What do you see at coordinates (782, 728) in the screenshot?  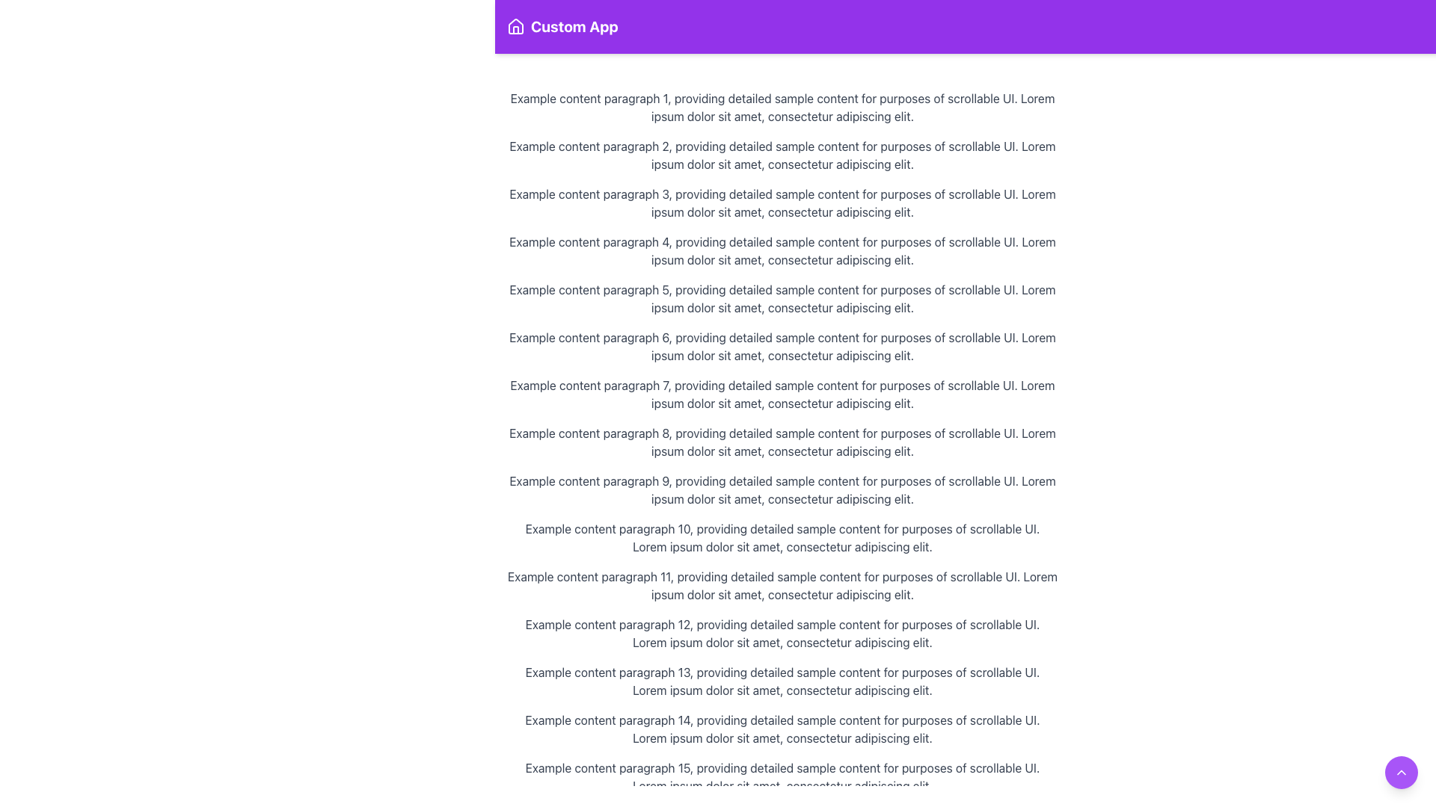 I see `text content of the 14th paragraph styled in gray font, which provides detailed sample content for purposes of scrollable UI` at bounding box center [782, 728].